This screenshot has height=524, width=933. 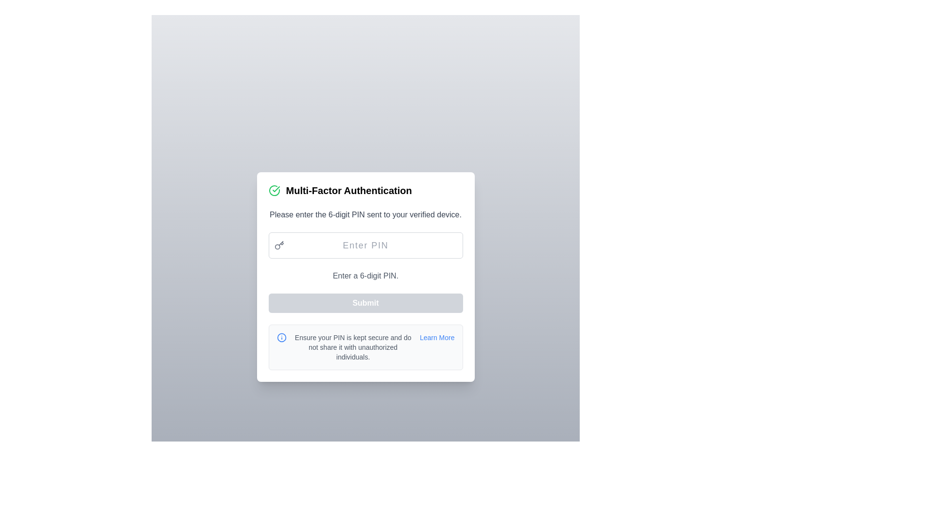 I want to click on the 'Submit' button for visual interaction, located in the center of the multi-factor authentication card below the PIN input field, so click(x=365, y=302).